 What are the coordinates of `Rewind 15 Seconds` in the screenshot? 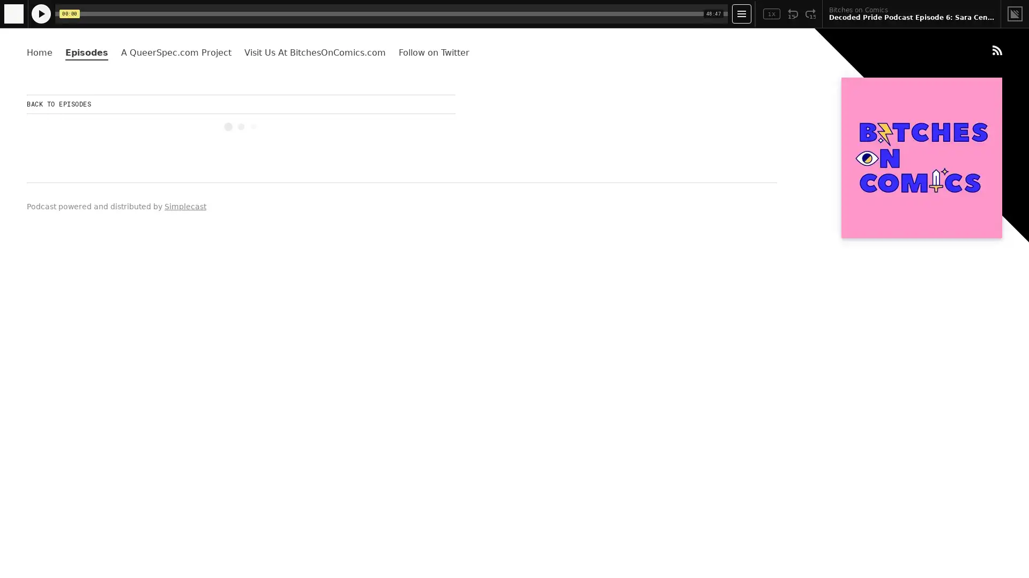 It's located at (793, 14).